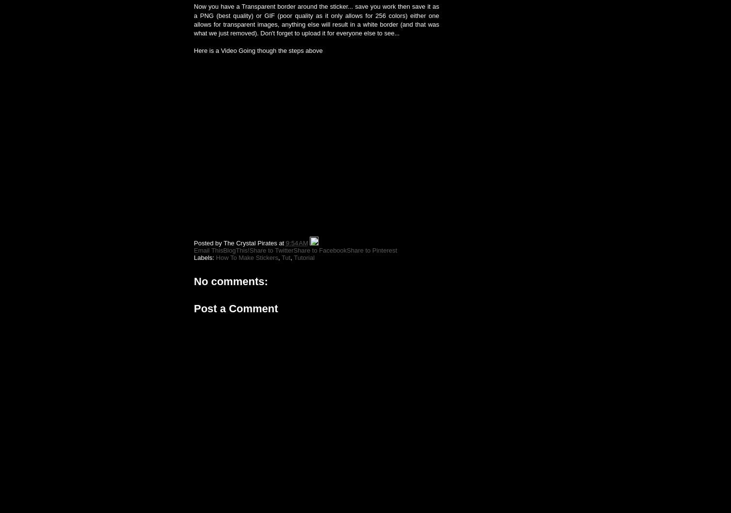 This screenshot has width=731, height=513. I want to click on 'Posted by', so click(208, 242).